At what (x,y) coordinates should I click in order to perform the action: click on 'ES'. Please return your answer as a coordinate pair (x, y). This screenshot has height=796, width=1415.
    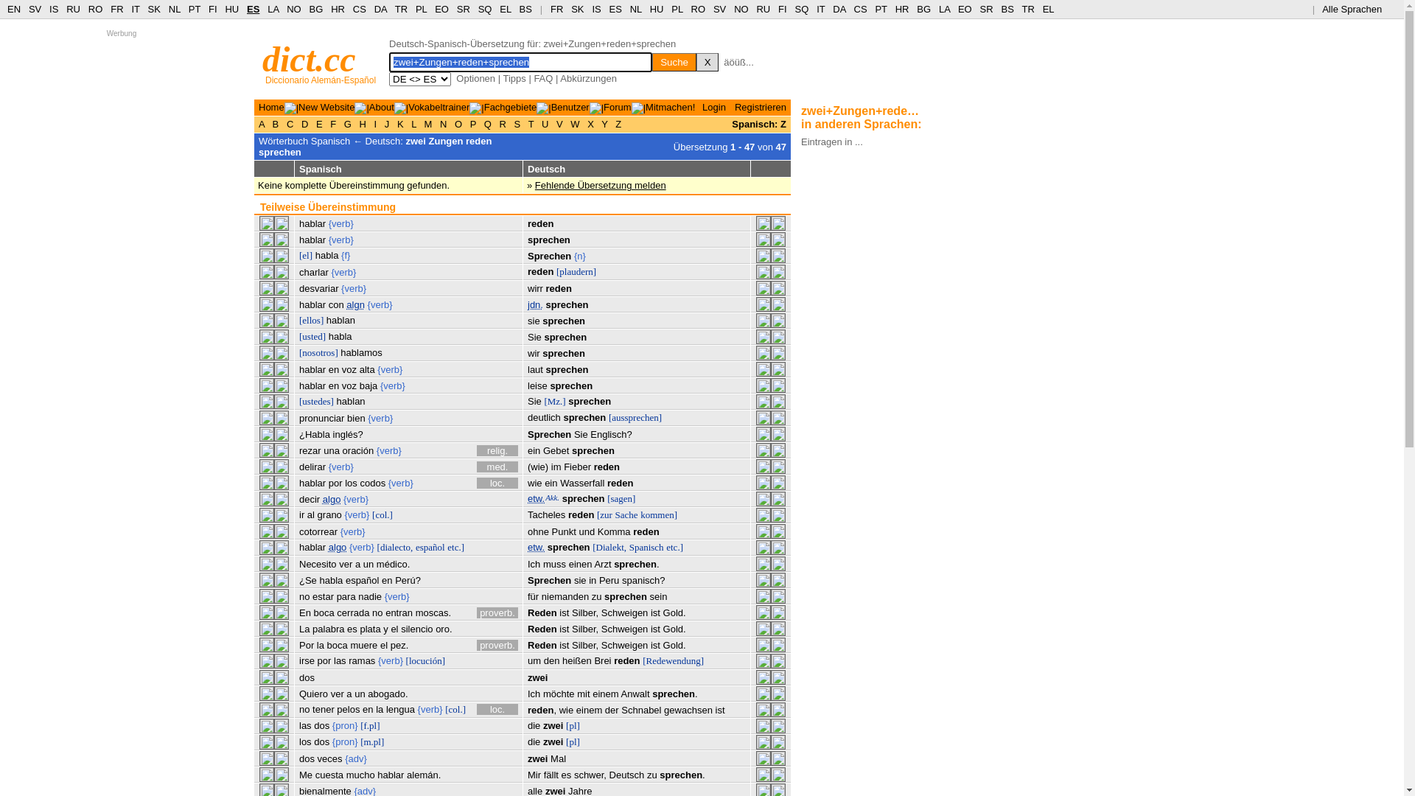
    Looking at the image, I should click on (615, 9).